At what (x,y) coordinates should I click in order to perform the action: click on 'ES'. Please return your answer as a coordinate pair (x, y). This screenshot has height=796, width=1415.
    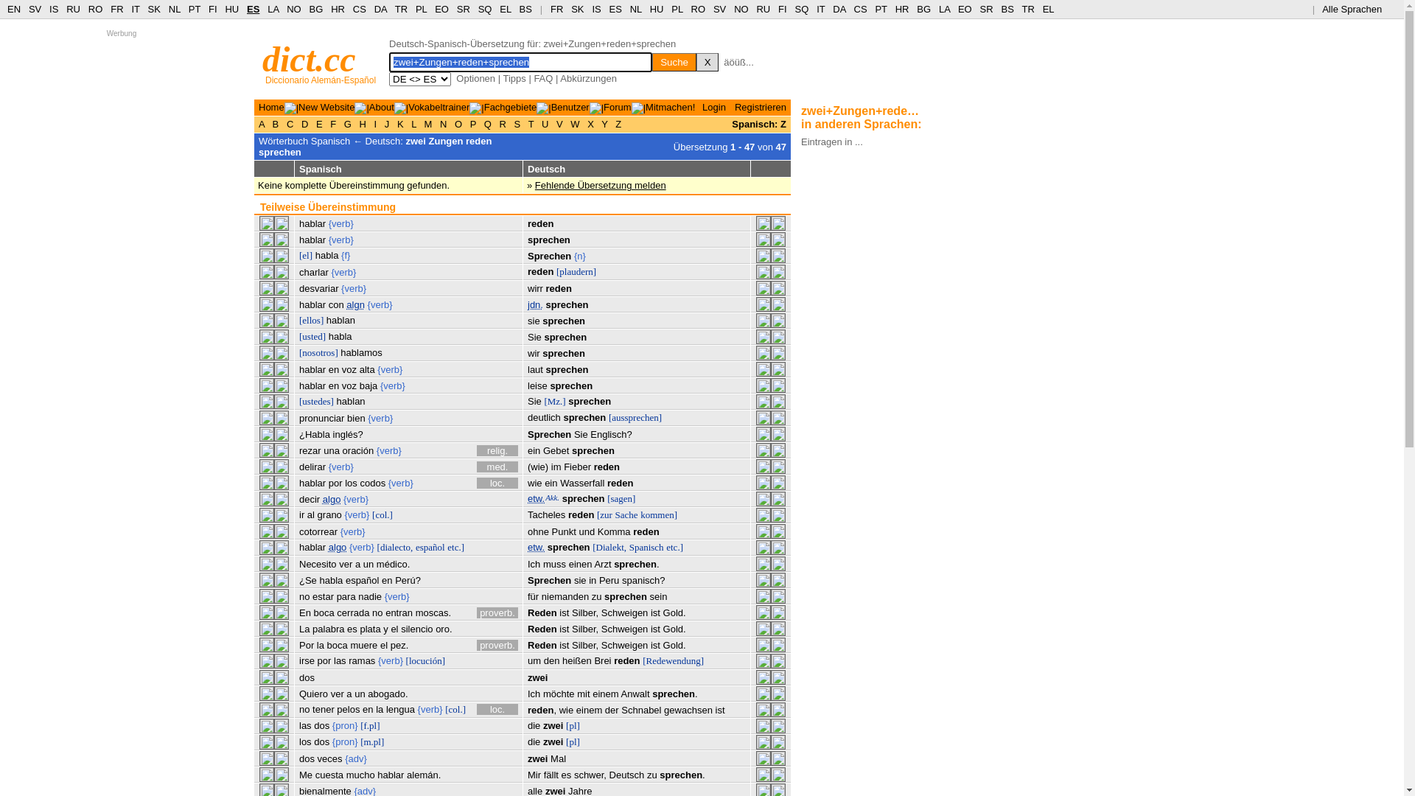
    Looking at the image, I should click on (615, 9).